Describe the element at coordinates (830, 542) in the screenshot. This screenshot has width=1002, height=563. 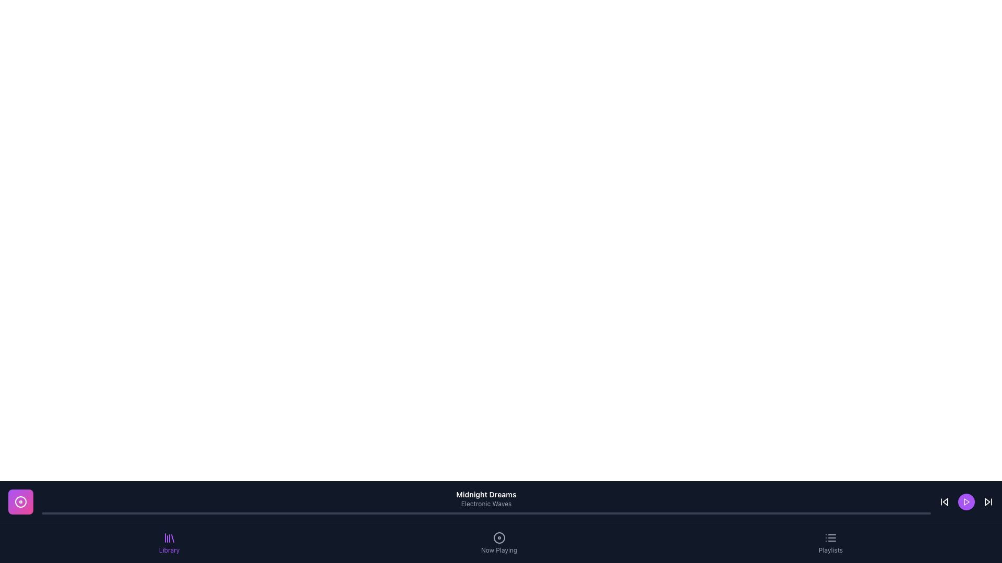
I see `the 'Playlists' navigation button at the bottom of the interface` at that location.